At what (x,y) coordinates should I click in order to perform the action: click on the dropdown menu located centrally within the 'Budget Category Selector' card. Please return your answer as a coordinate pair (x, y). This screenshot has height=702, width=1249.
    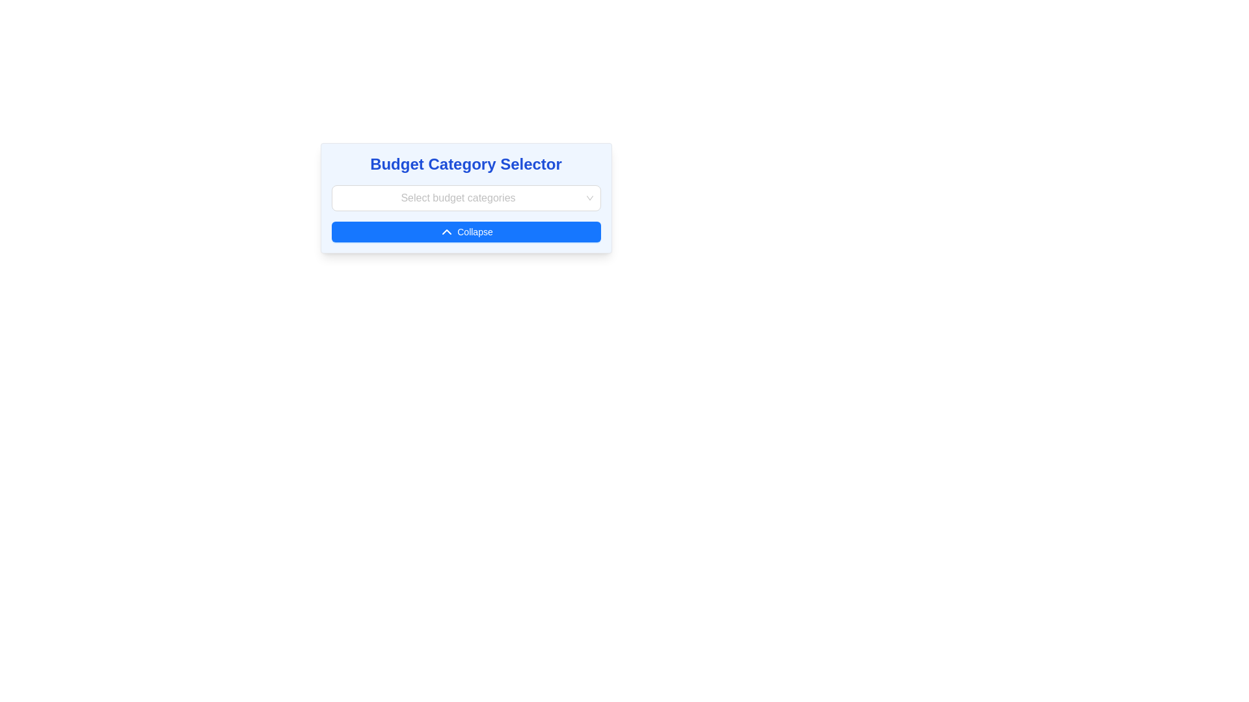
    Looking at the image, I should click on (466, 198).